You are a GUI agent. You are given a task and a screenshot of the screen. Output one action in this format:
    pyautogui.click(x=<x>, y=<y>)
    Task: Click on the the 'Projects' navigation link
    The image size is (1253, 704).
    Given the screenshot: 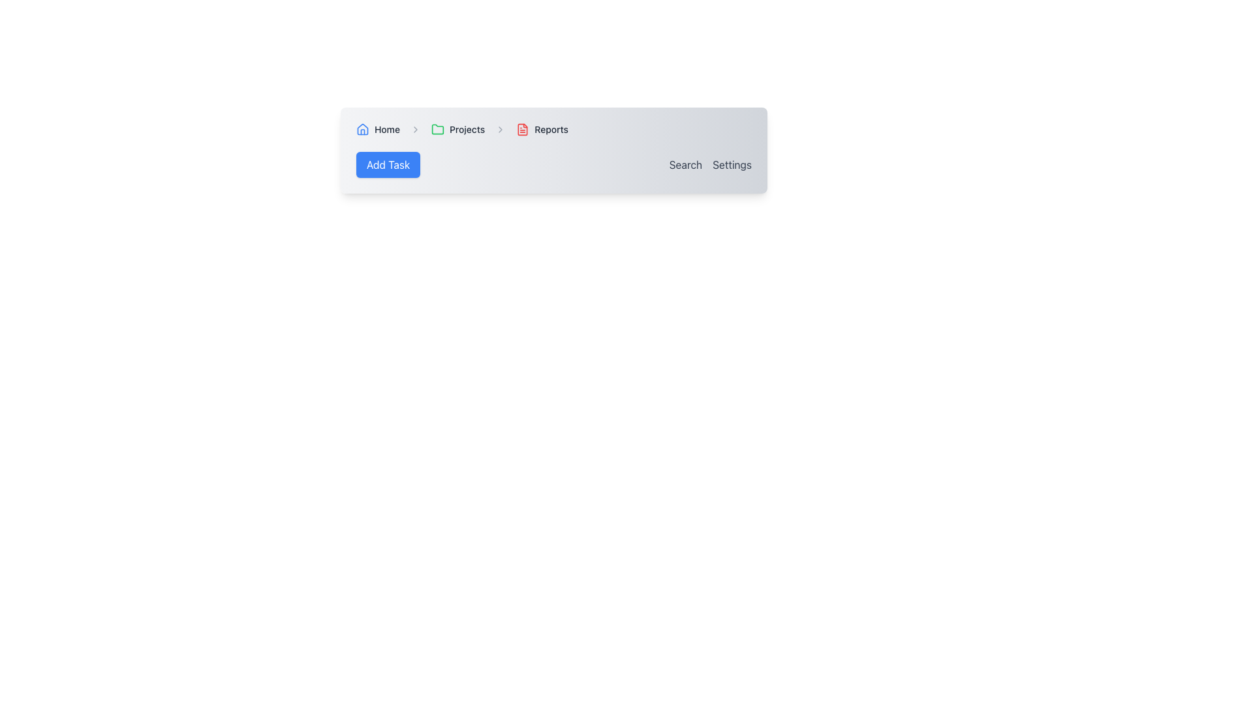 What is the action you would take?
    pyautogui.click(x=458, y=130)
    